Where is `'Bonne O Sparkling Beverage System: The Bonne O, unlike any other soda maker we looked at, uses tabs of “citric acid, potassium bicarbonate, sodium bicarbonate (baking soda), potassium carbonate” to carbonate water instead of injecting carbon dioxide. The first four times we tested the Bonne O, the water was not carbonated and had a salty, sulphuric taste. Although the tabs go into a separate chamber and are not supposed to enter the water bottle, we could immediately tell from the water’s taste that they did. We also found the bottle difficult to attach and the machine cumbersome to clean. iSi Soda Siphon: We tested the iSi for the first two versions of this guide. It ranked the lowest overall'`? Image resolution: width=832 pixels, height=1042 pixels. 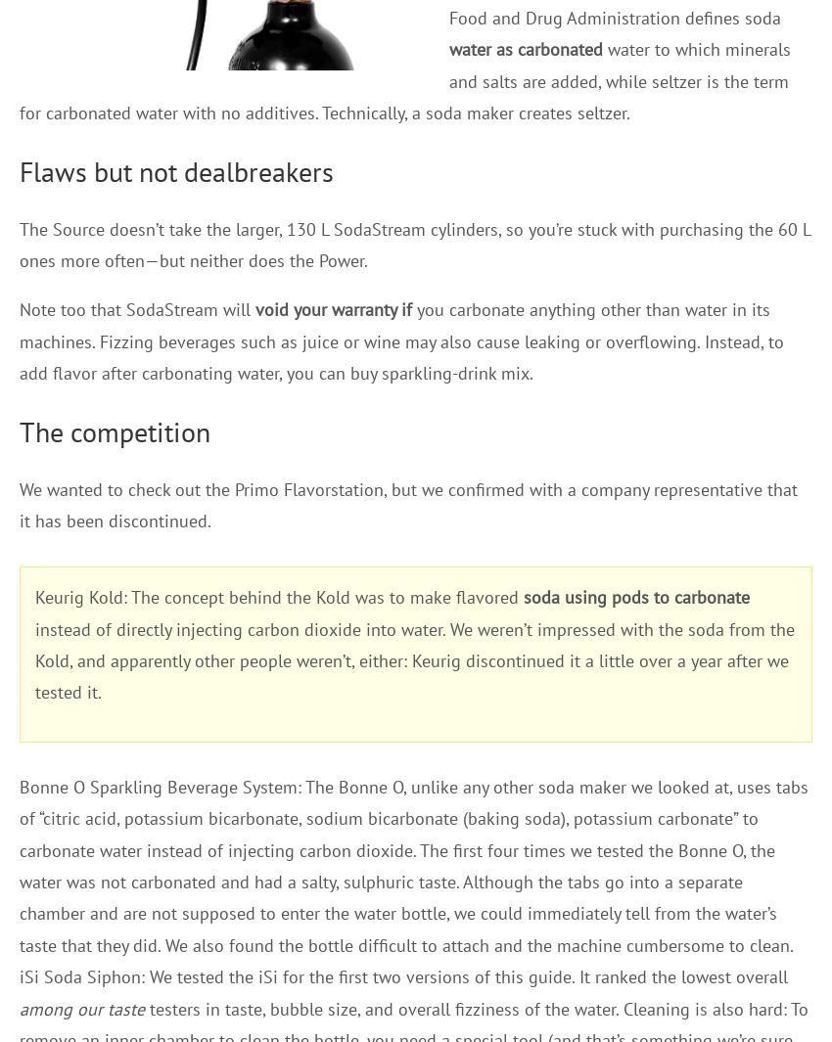
'Bonne O Sparkling Beverage System: The Bonne O, unlike any other soda maker we looked at, uses tabs of “citric acid, potassium bicarbonate, sodium bicarbonate (baking soda), potassium carbonate” to carbonate water instead of injecting carbon dioxide. The first four times we tested the Bonne O, the water was not carbonated and had a salty, sulphuric taste. Although the tabs go into a separate chamber and are not supposed to enter the water bottle, we could immediately tell from the water’s taste that they did. We also found the bottle difficult to attach and the machine cumbersome to clean. iSi Soda Siphon: We tested the iSi for the first two versions of this guide. It ranked the lowest overall' is located at coordinates (413, 881).